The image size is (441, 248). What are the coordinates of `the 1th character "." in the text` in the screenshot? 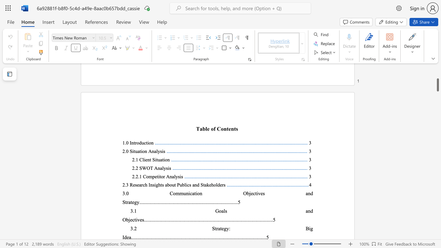 It's located at (135, 168).